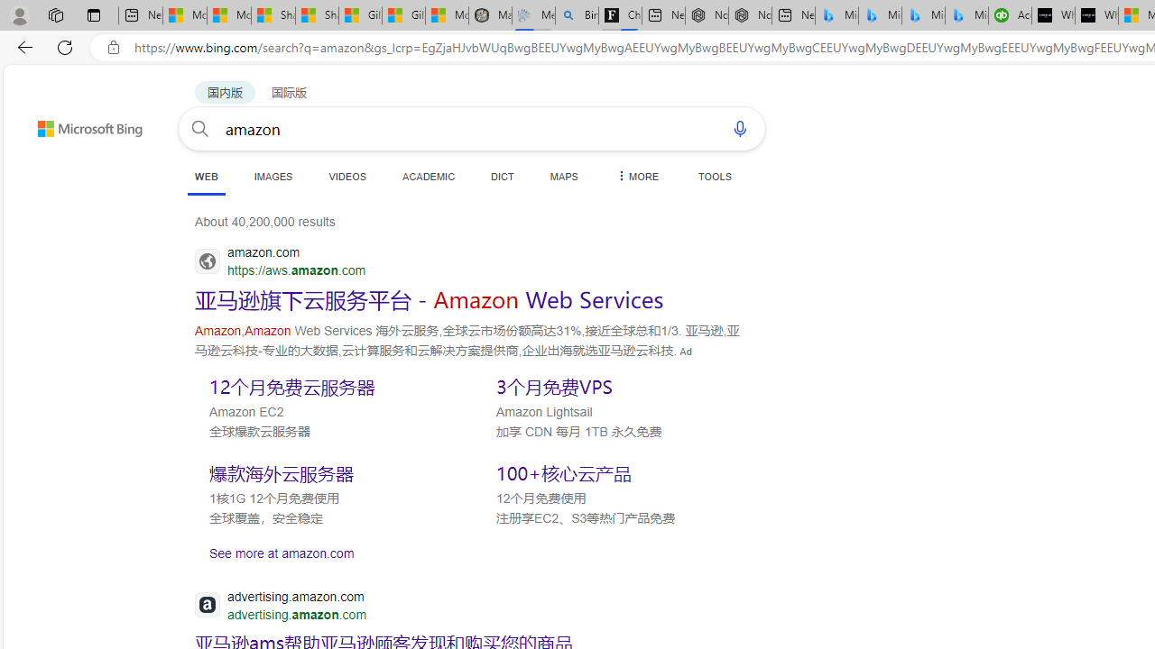 The image size is (1155, 649). Describe the element at coordinates (78, 123) in the screenshot. I see `'Back to Bing search'` at that location.